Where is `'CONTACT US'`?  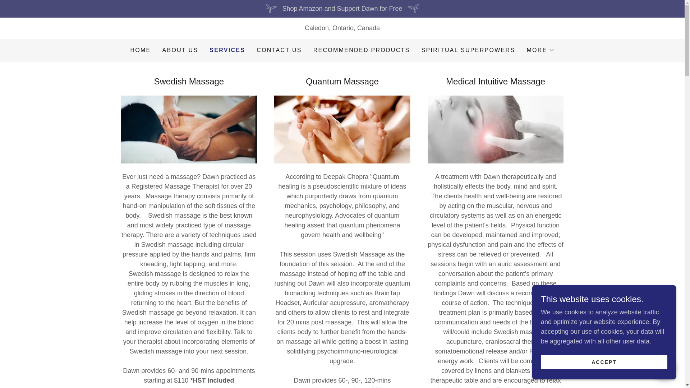 'CONTACT US' is located at coordinates (254, 50).